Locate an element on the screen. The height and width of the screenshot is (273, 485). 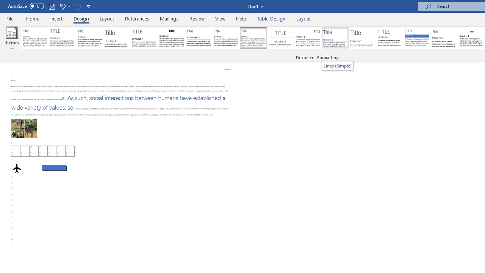
'Undo Apply Quick Style Set' is located at coordinates (64, 6).